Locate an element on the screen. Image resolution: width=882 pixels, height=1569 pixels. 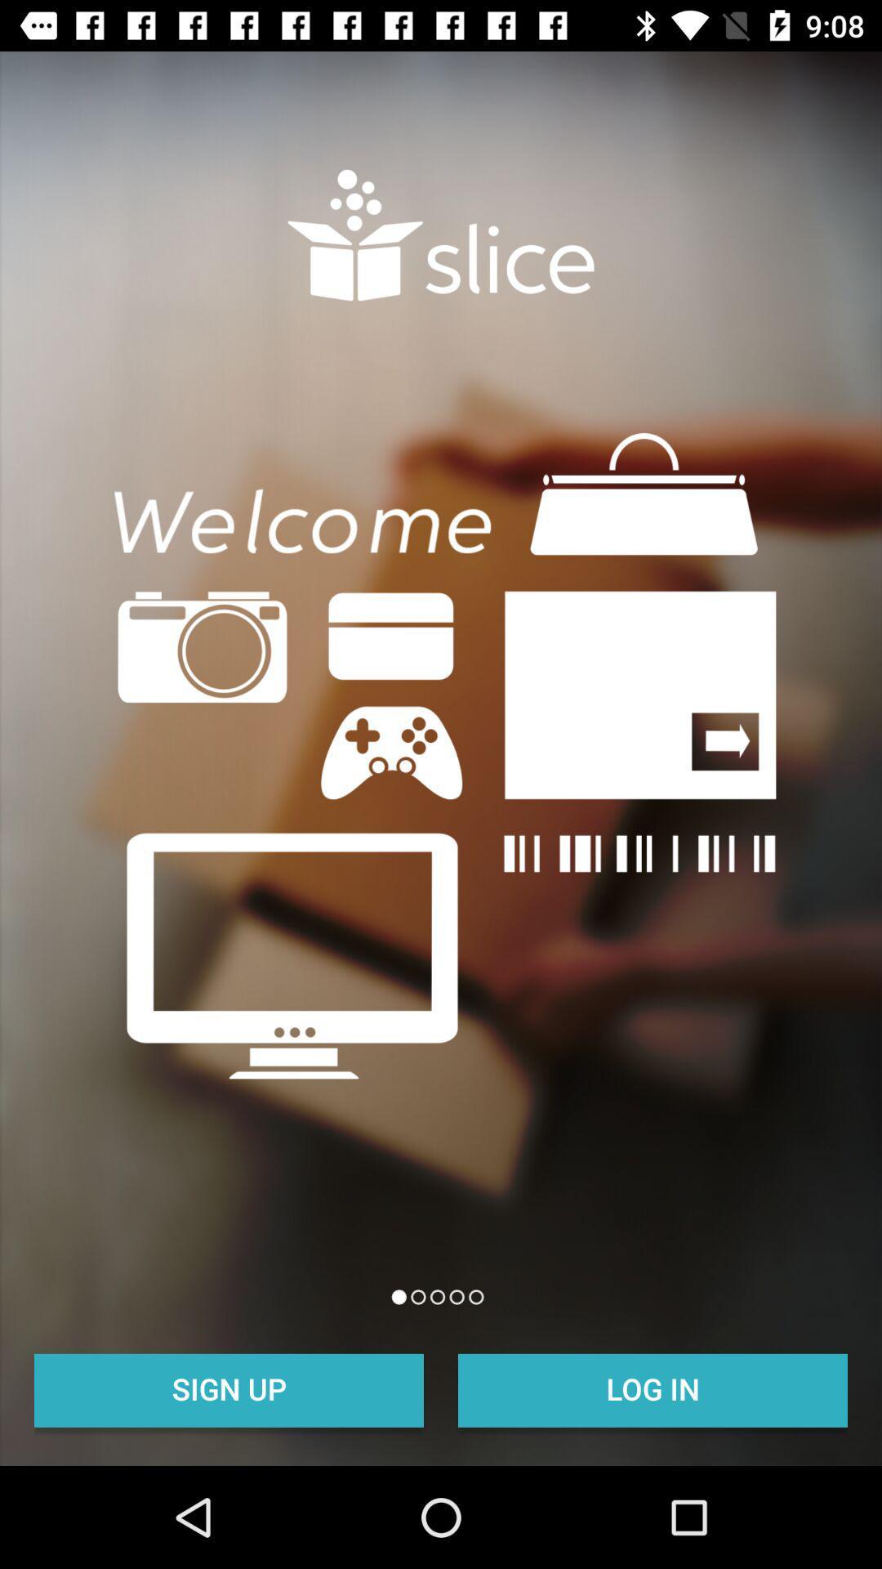
the item at the bottom left corner is located at coordinates (229, 1388).